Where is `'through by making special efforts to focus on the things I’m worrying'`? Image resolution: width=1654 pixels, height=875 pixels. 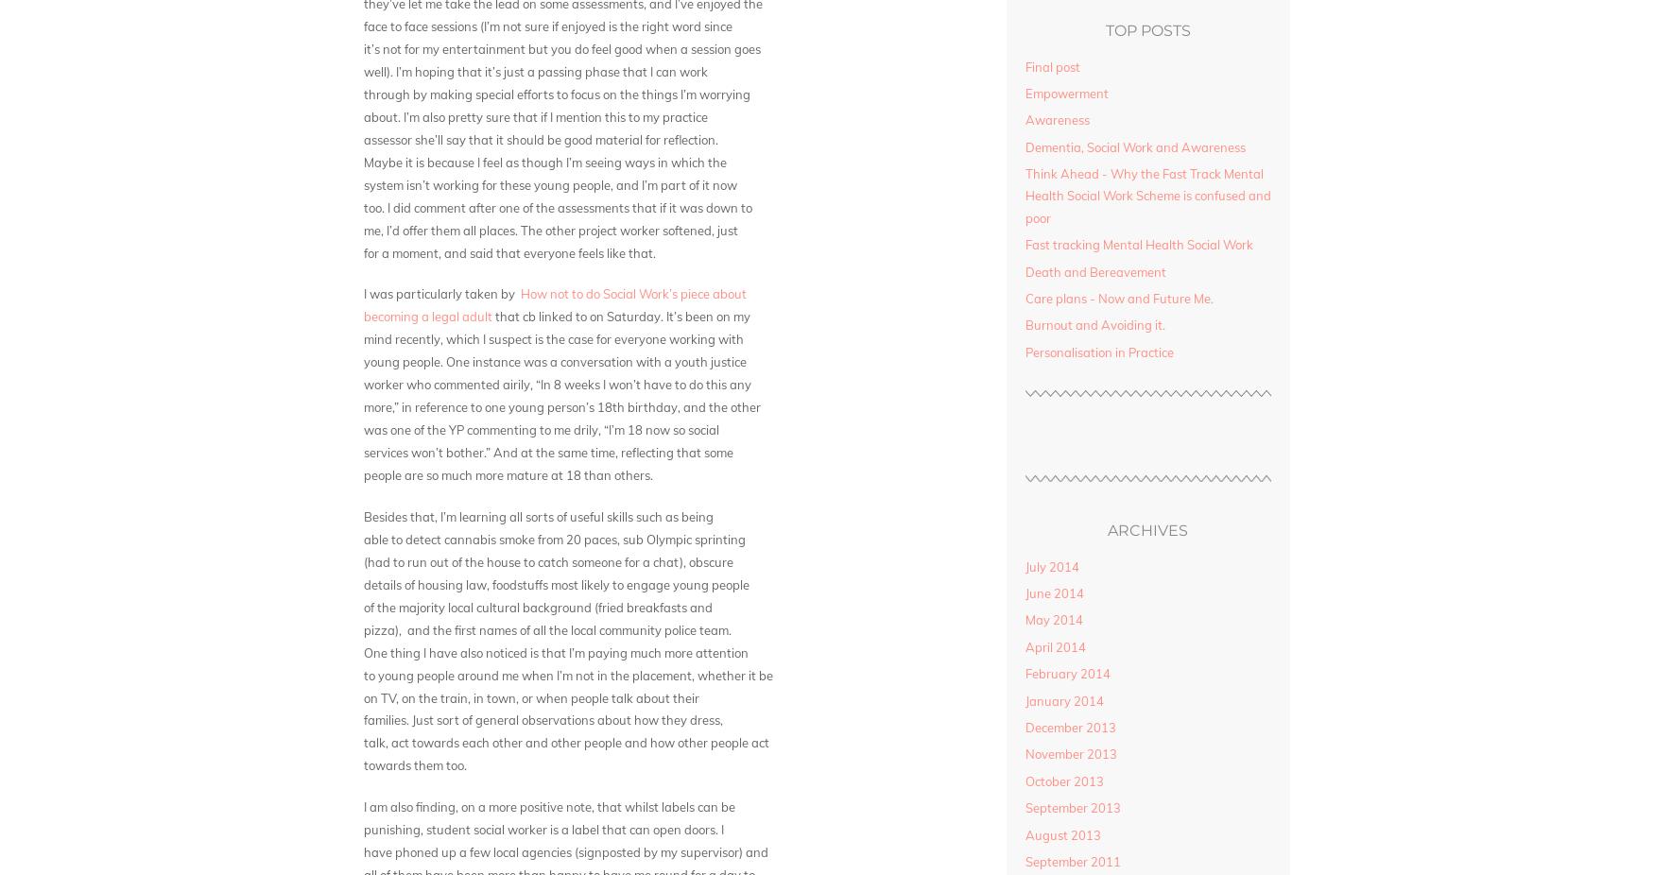 'through by making special efforts to focus on the things I’m worrying' is located at coordinates (557, 92).